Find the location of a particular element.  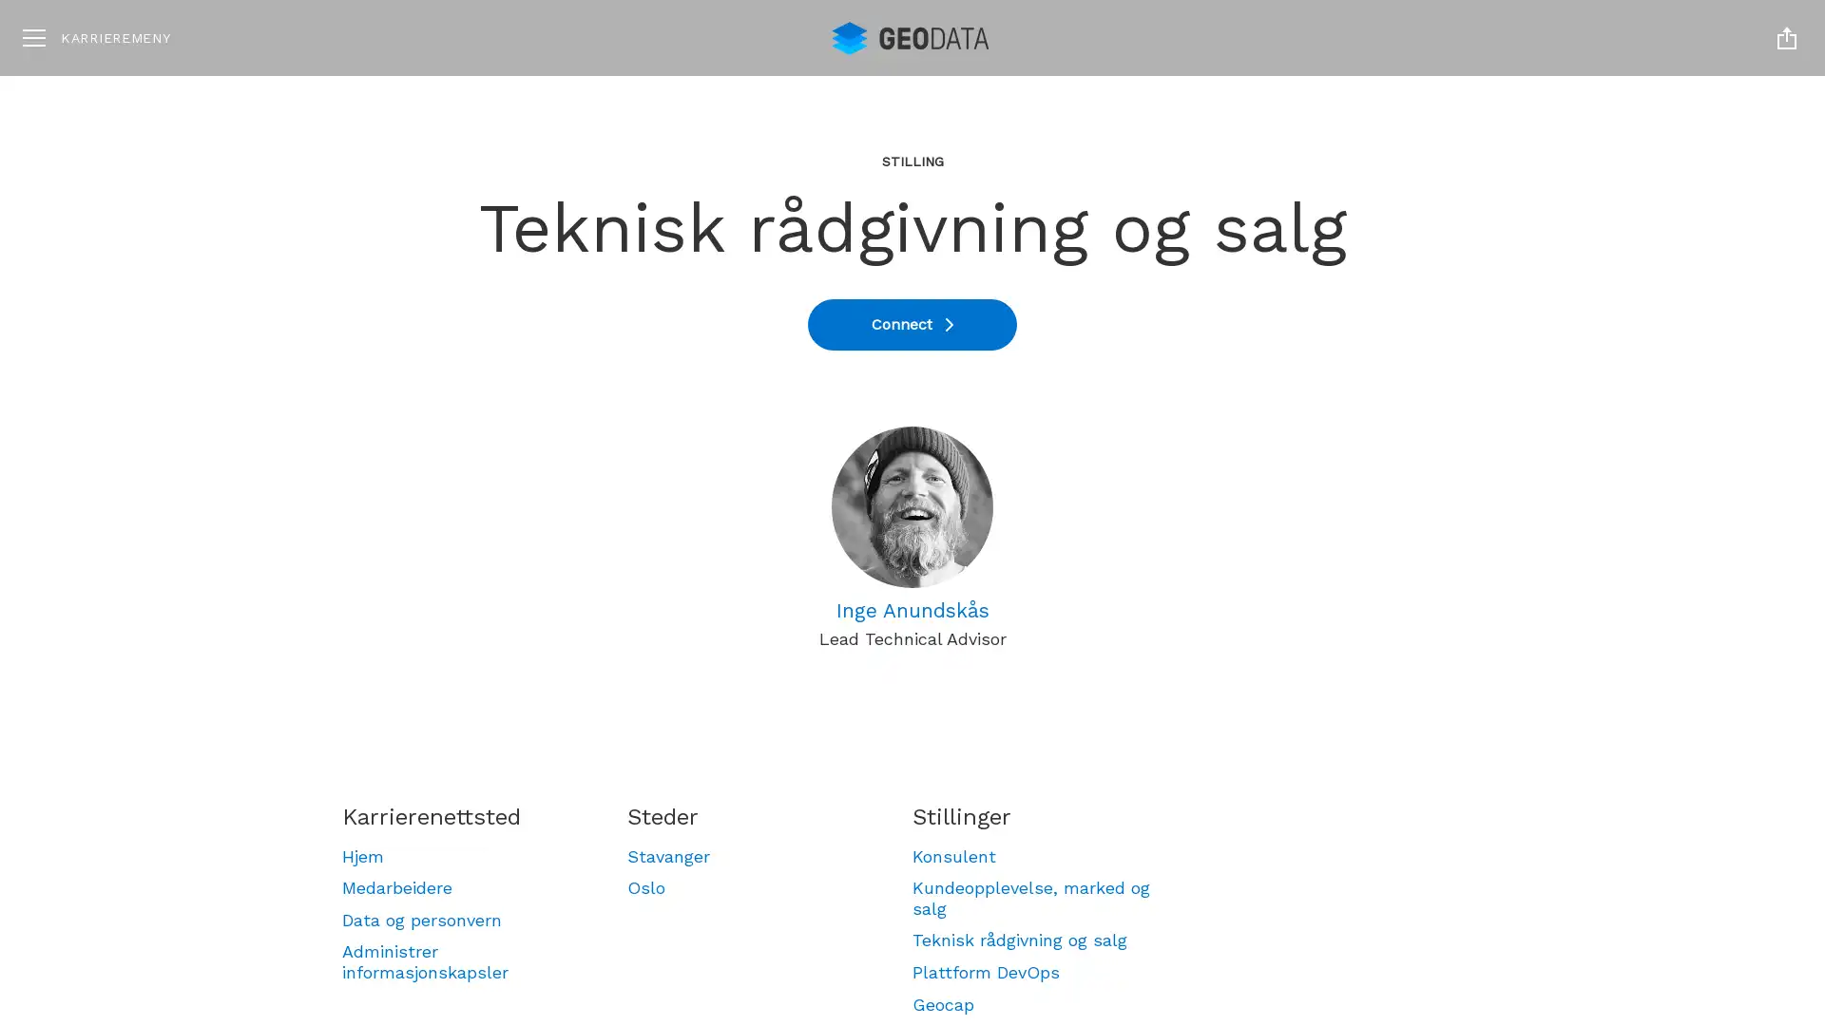

Godta alle is located at coordinates (1607, 808).